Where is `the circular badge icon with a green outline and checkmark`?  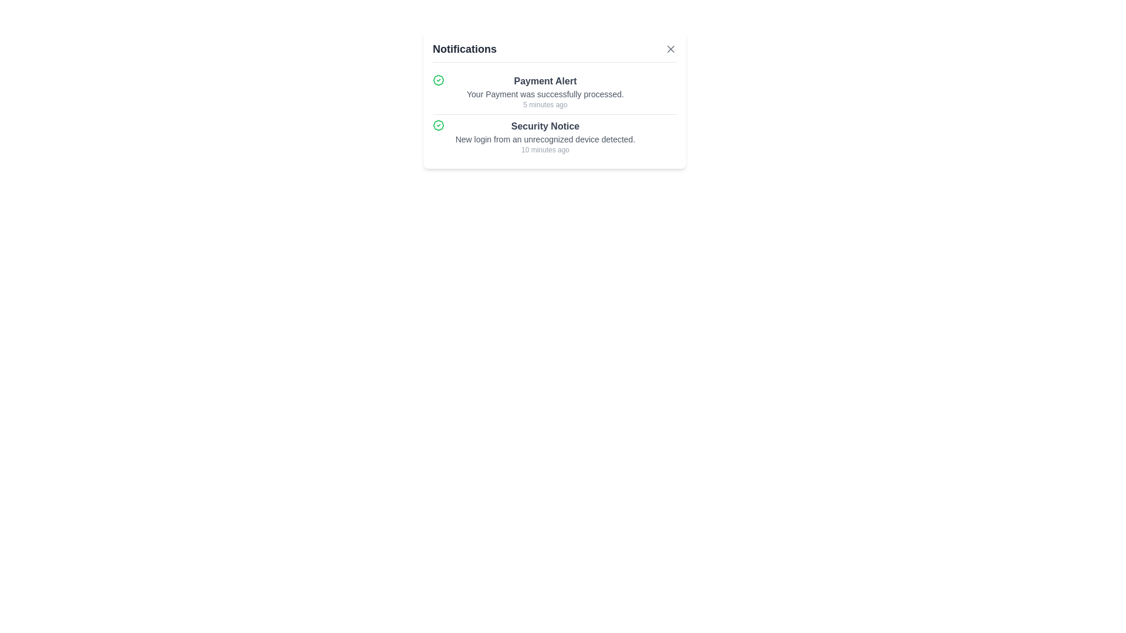
the circular badge icon with a green outline and checkmark is located at coordinates (438, 125).